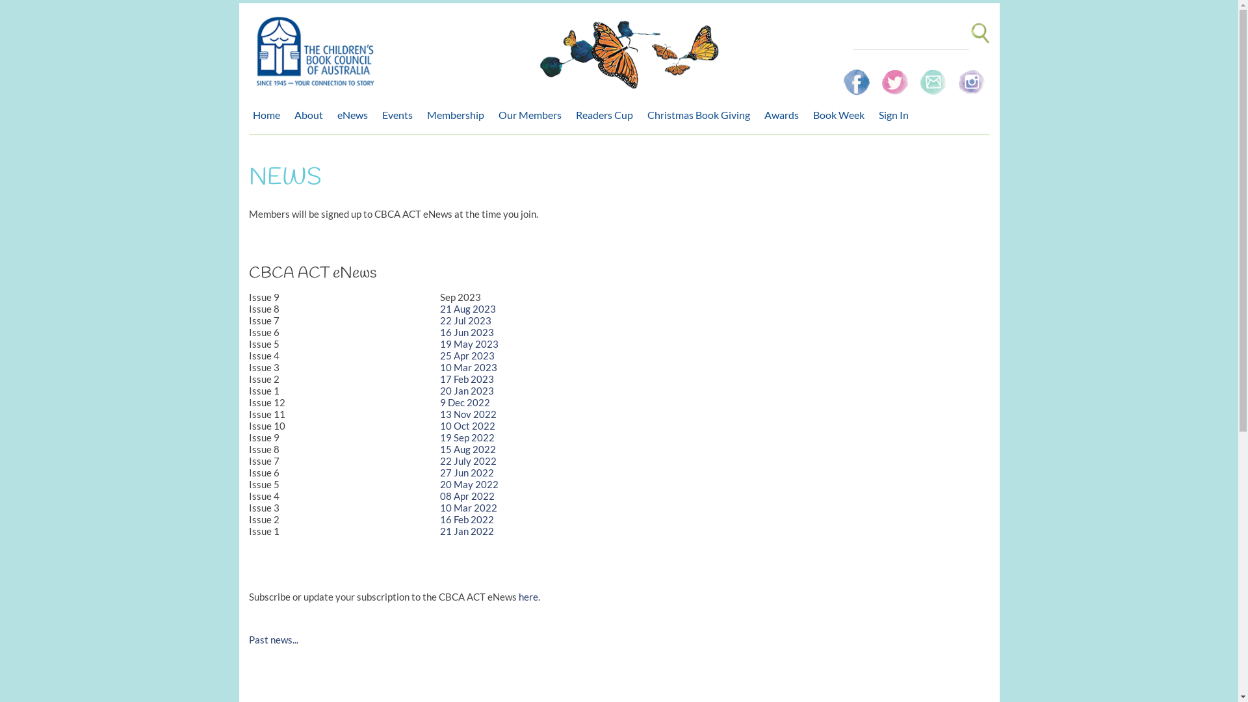 The image size is (1248, 702). Describe the element at coordinates (784, 114) in the screenshot. I see `'Awards'` at that location.